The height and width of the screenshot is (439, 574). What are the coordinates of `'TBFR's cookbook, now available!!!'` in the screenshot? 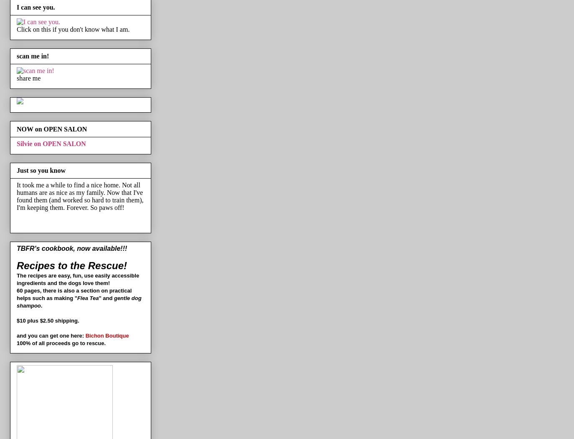 It's located at (71, 248).